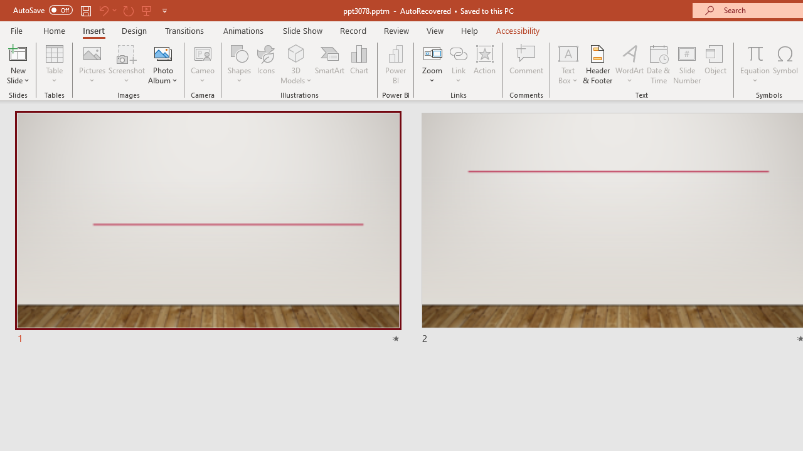 This screenshot has height=451, width=803. I want to click on 'Comment', so click(526, 65).